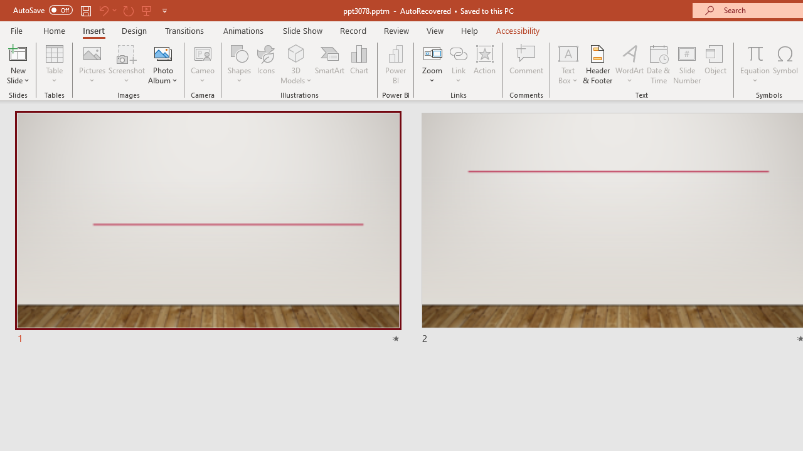 This screenshot has height=451, width=803. I want to click on 'Comment', so click(526, 65).